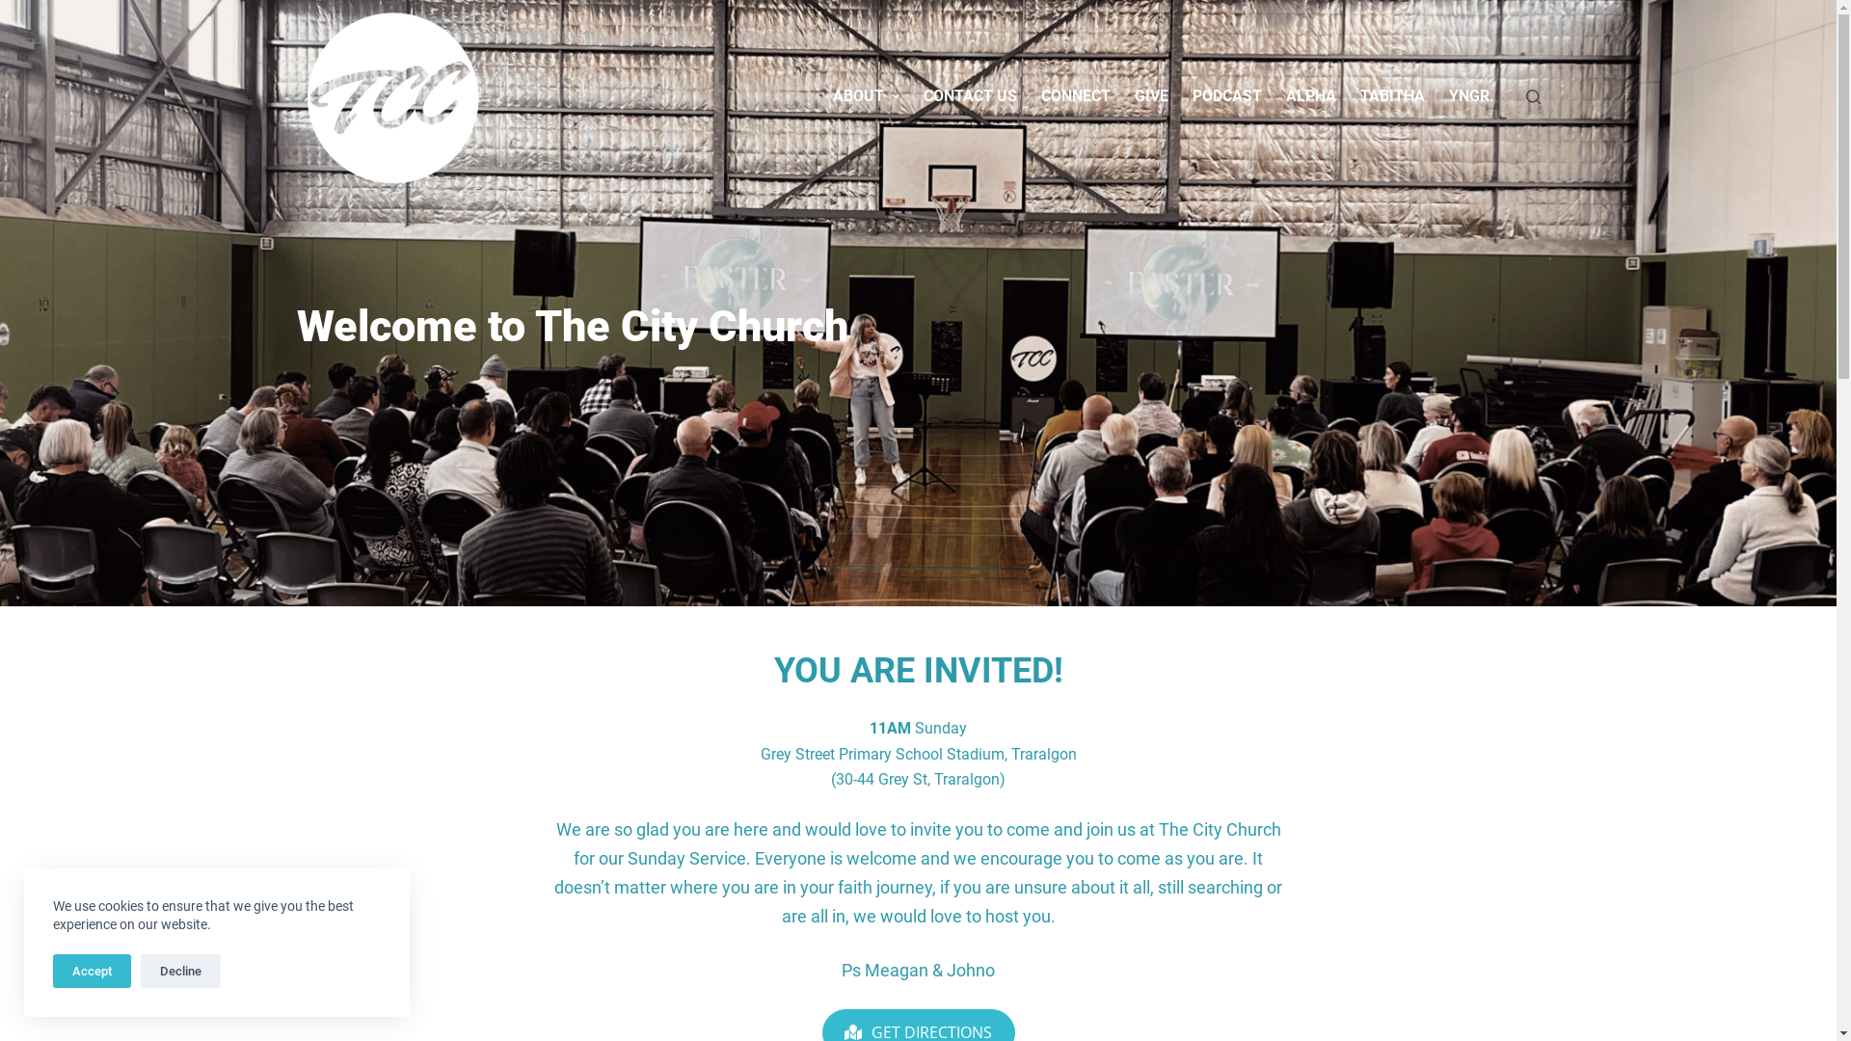 Image resolution: width=1851 pixels, height=1041 pixels. Describe the element at coordinates (1274, 96) in the screenshot. I see `'ALPHA'` at that location.